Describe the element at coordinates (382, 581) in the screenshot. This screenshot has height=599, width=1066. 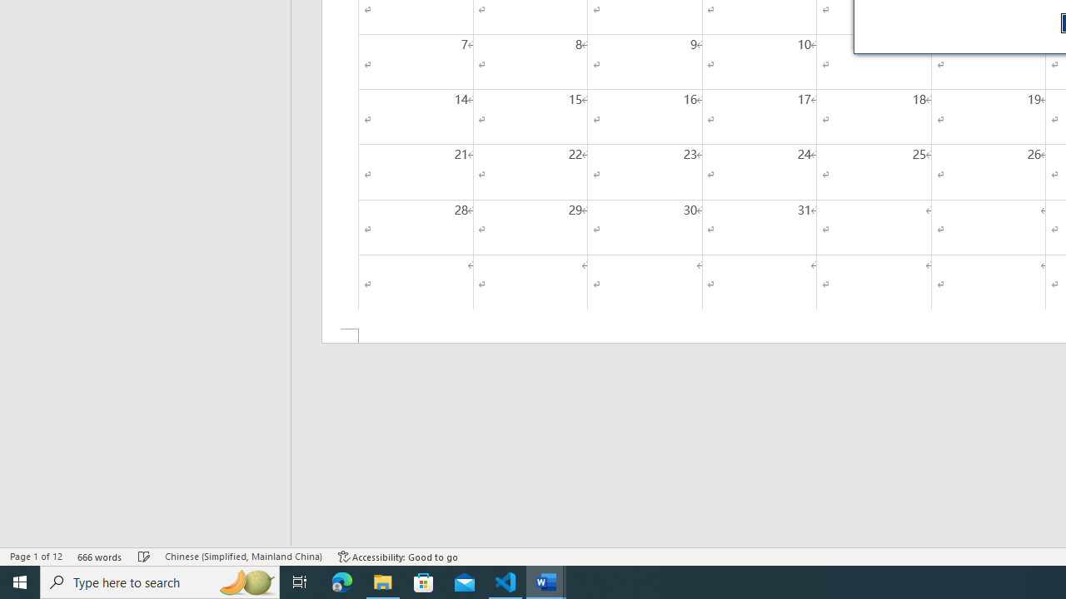
I see `'File Explorer - 1 running window'` at that location.